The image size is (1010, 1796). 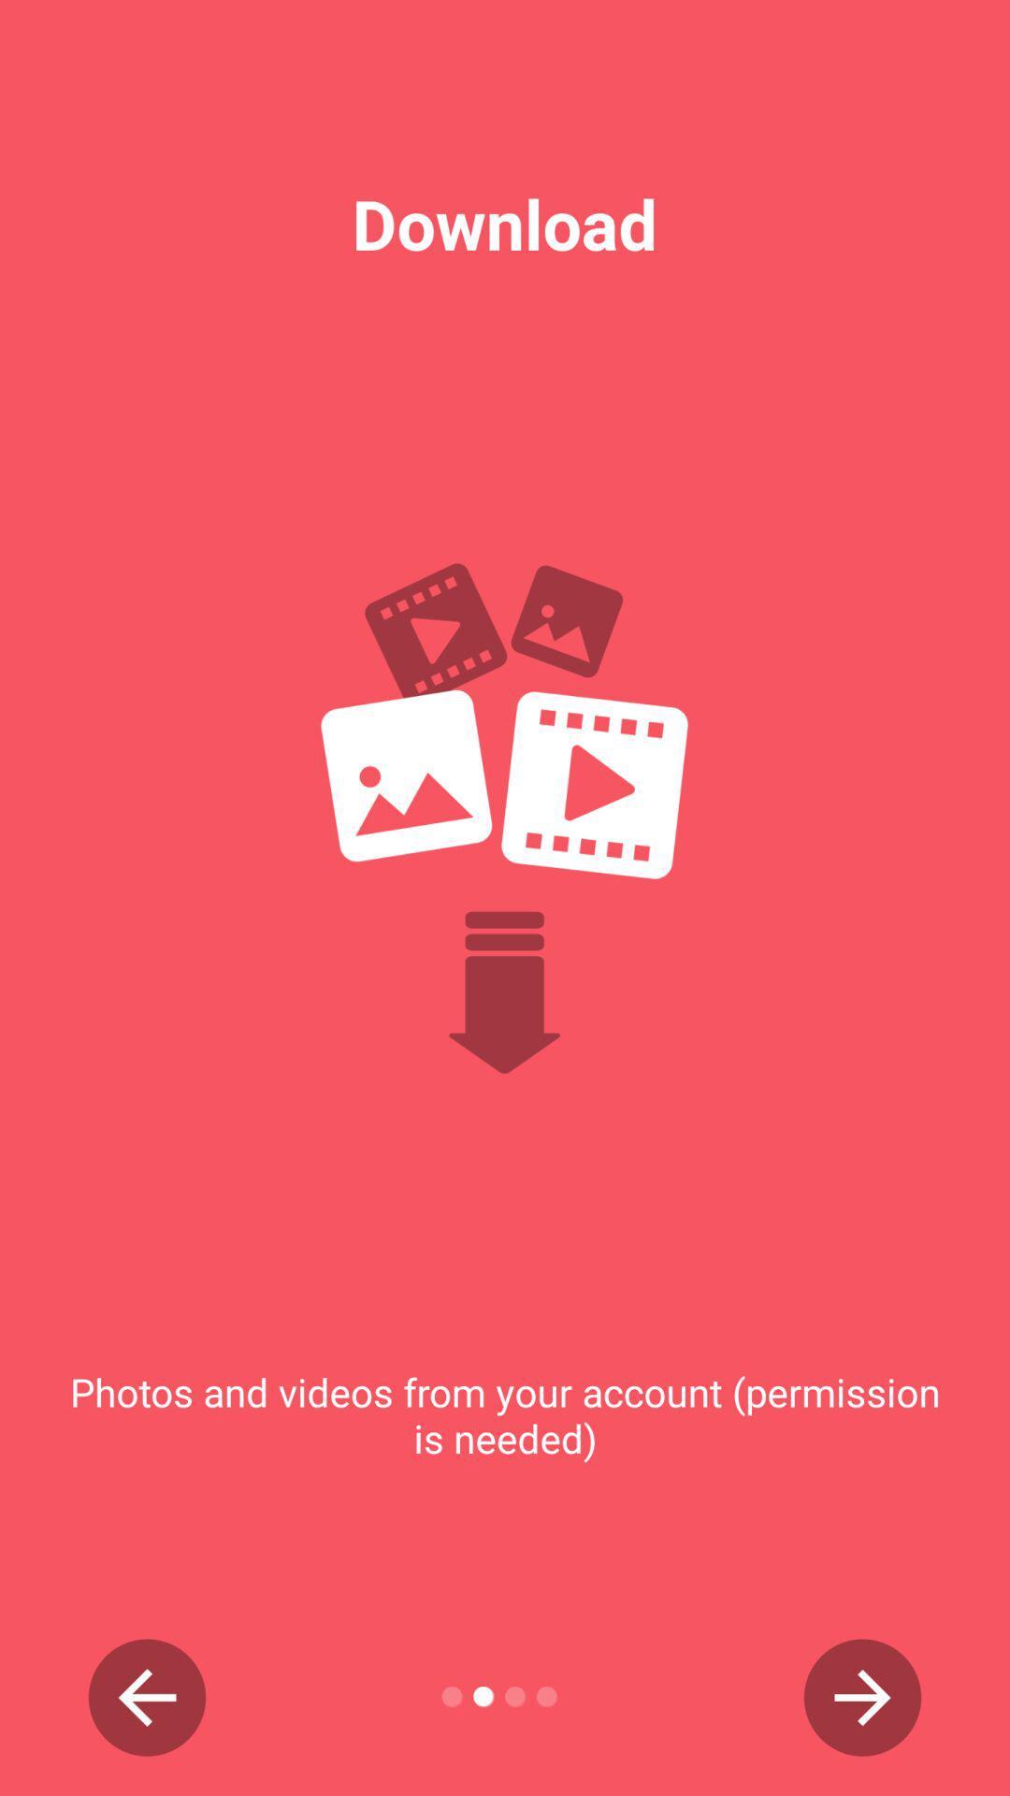 What do you see at coordinates (862, 1697) in the screenshot?
I see `go next page` at bounding box center [862, 1697].